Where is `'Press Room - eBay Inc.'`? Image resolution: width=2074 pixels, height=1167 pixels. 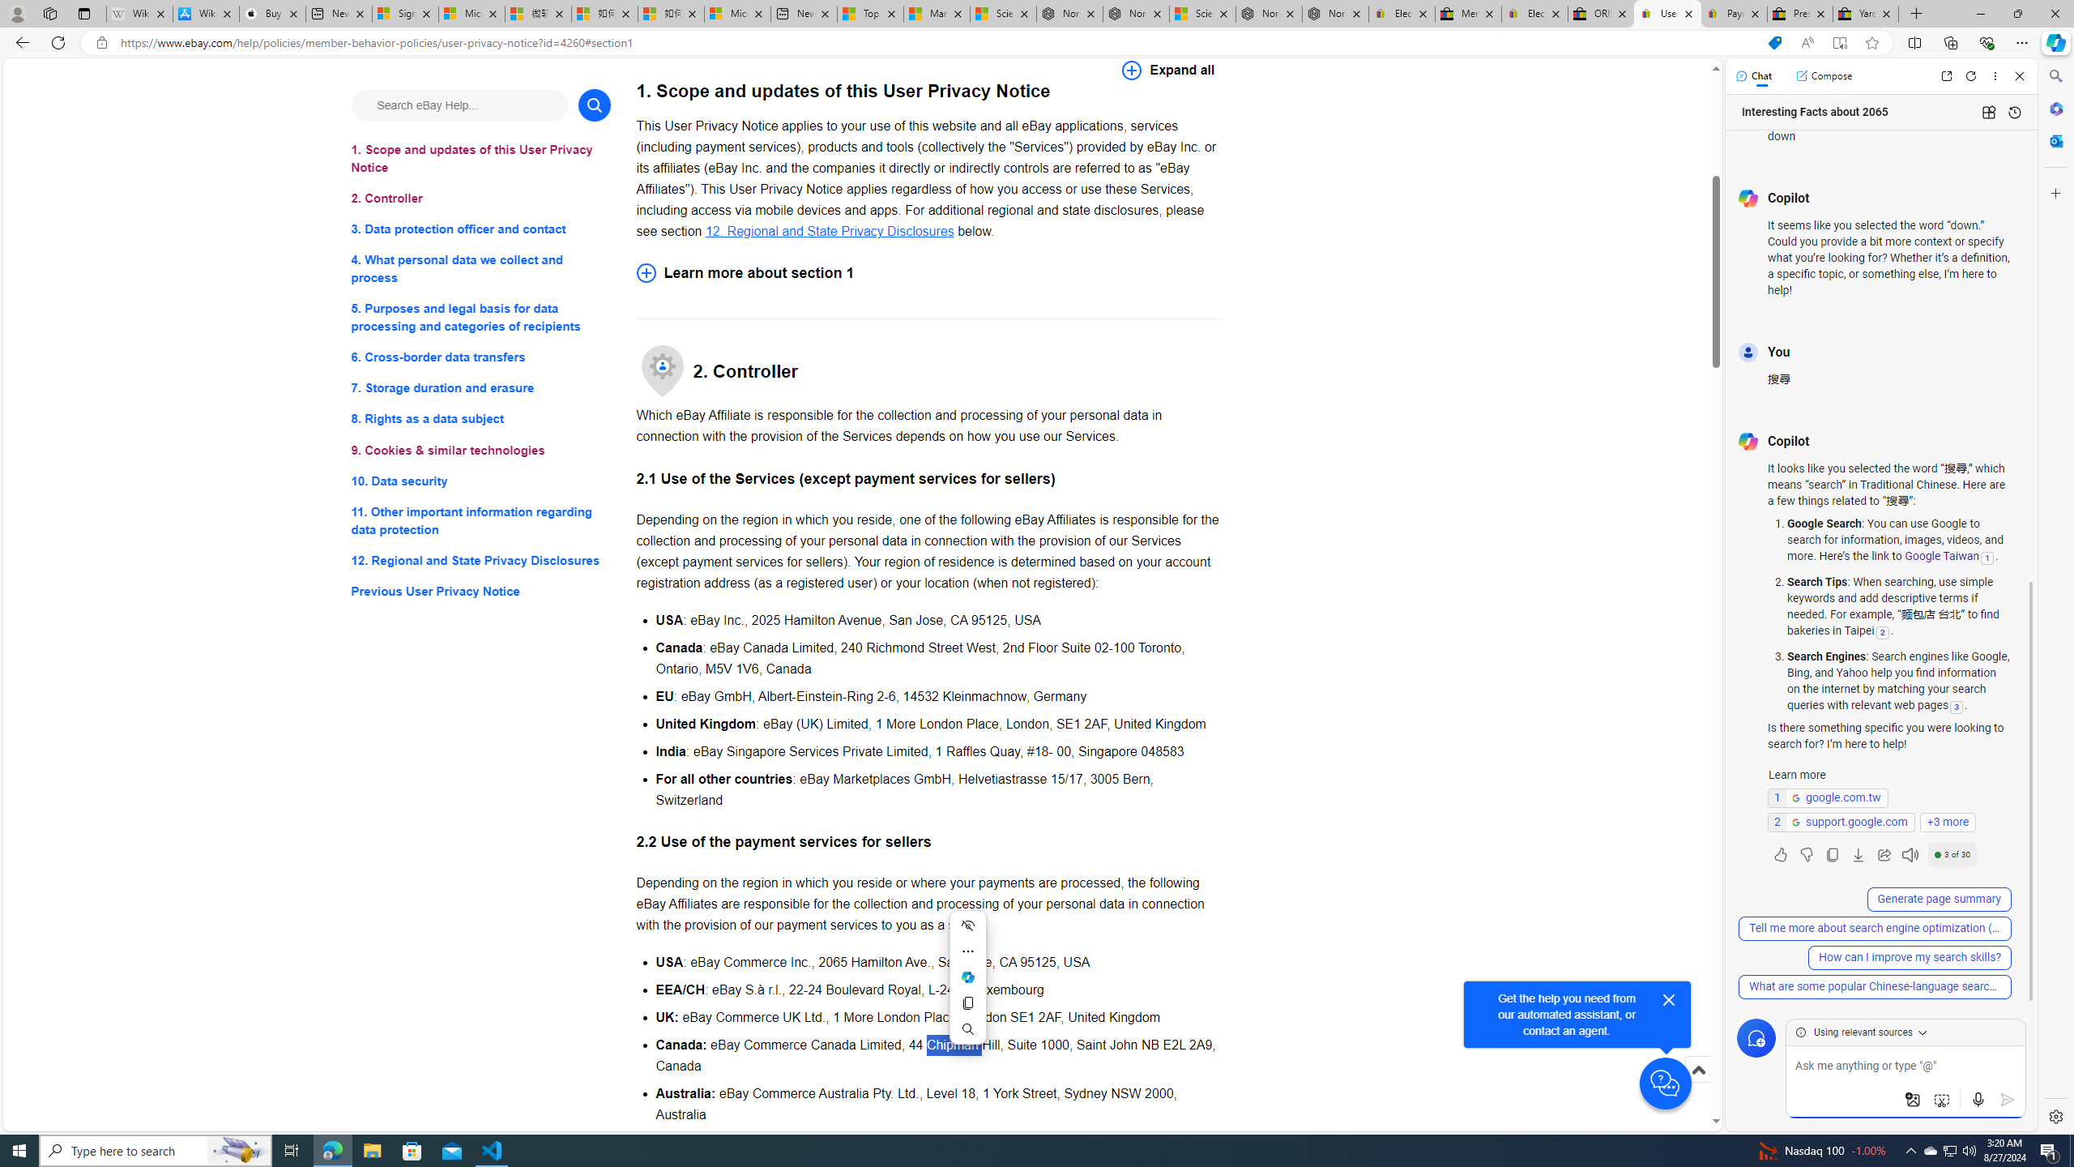 'Press Room - eBay Inc.' is located at coordinates (1799, 13).